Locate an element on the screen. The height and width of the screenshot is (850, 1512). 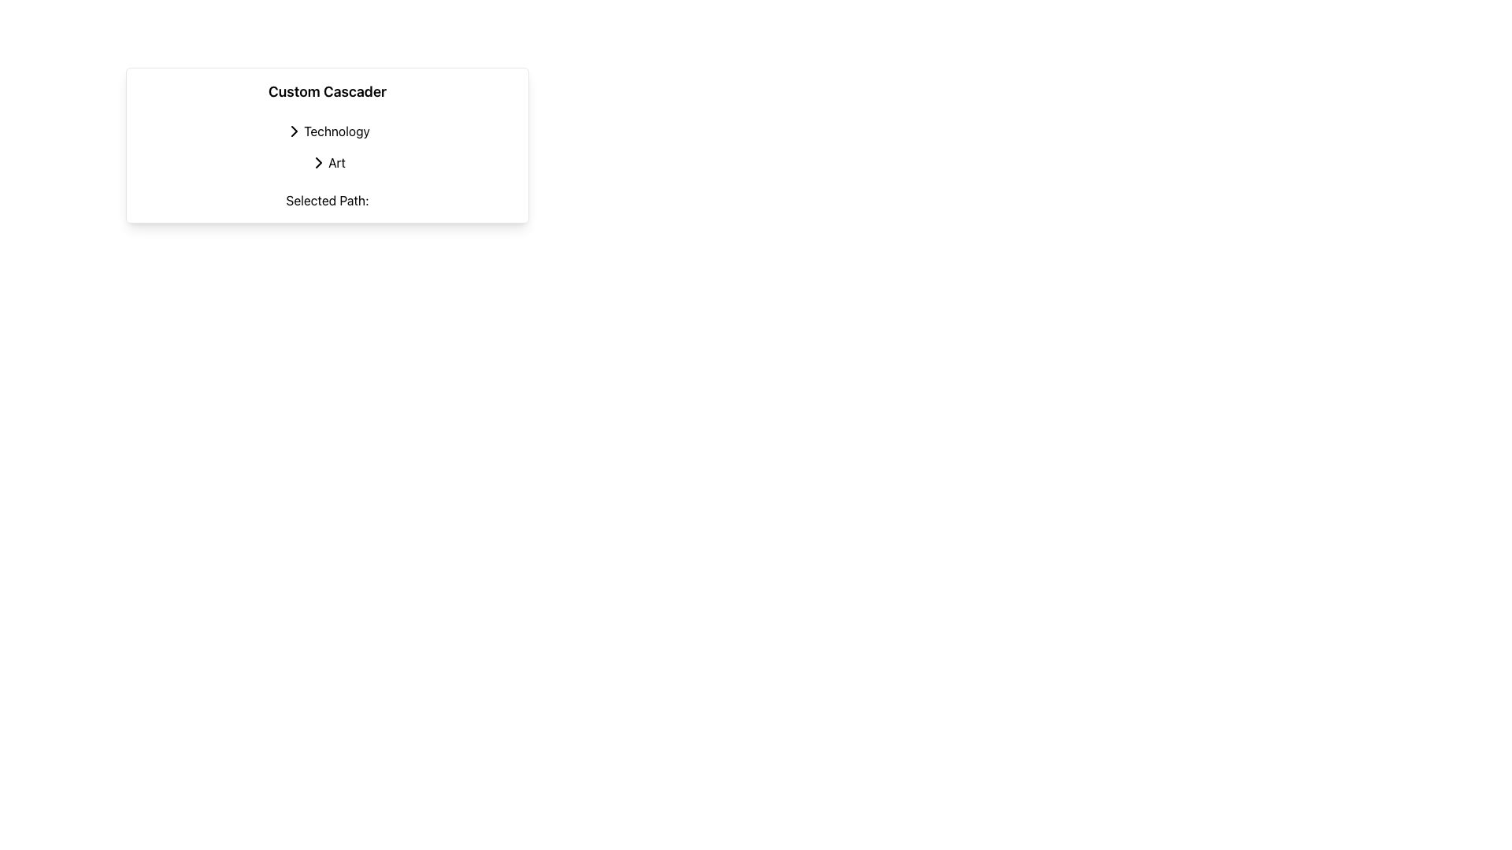
the clickable list item labeled 'Art' with a right-facing chevron icon is located at coordinates (327, 163).